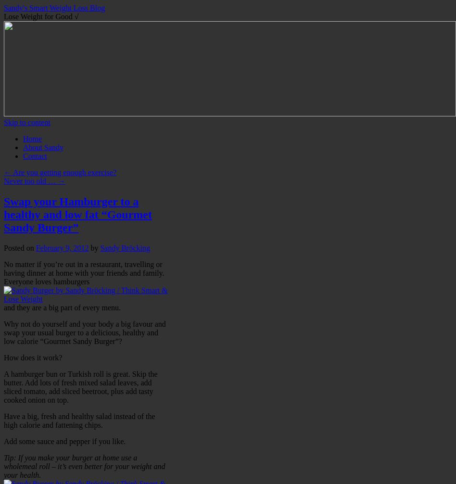 This screenshot has width=456, height=484. What do you see at coordinates (41, 16) in the screenshot?
I see `'Lose Weight for Good √'` at bounding box center [41, 16].